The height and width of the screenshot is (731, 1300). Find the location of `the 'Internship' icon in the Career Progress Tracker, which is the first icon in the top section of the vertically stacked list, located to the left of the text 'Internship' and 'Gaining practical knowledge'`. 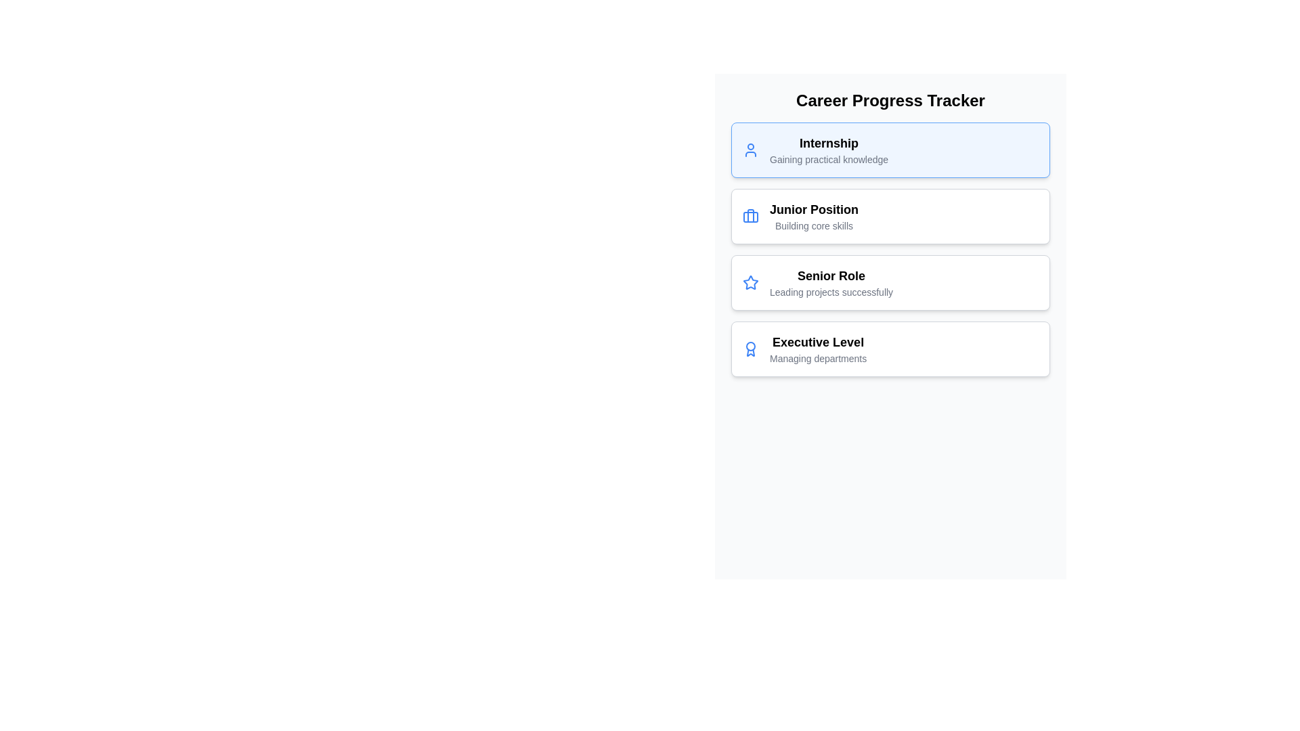

the 'Internship' icon in the Career Progress Tracker, which is the first icon in the top section of the vertically stacked list, located to the left of the text 'Internship' and 'Gaining practical knowledge' is located at coordinates (750, 150).